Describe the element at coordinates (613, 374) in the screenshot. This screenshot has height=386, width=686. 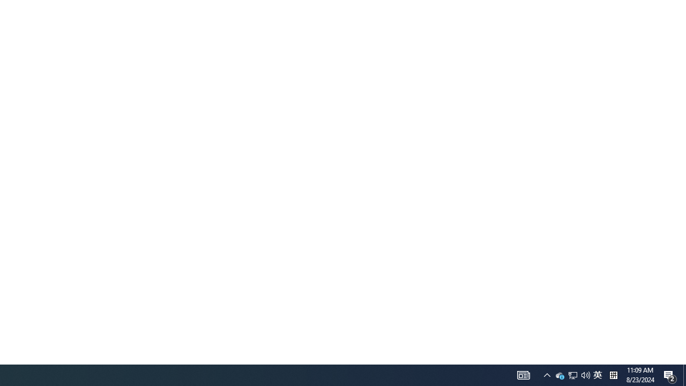
I see `'Tray Input Indicator - Chinese (Simplified, China)'` at that location.